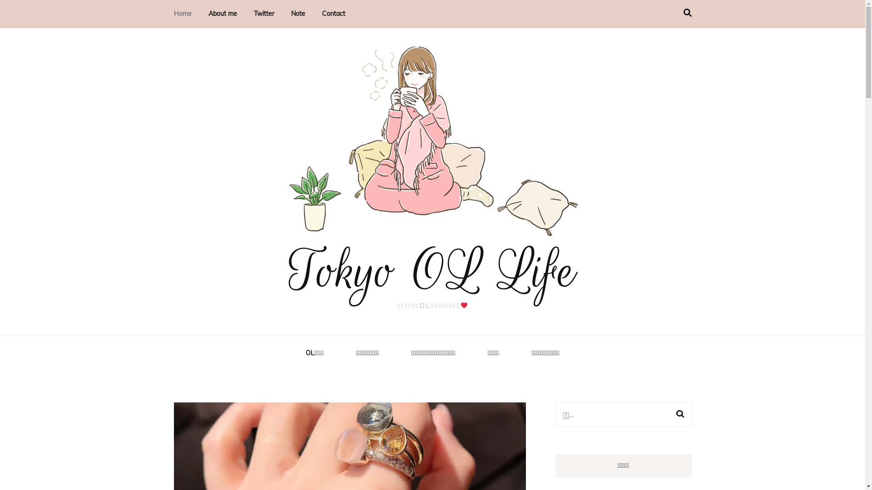  What do you see at coordinates (222, 14) in the screenshot?
I see `'About me'` at bounding box center [222, 14].